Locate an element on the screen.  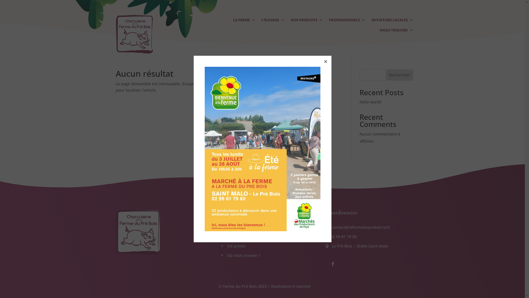
'Suivez sur Facebook' is located at coordinates (333, 264).